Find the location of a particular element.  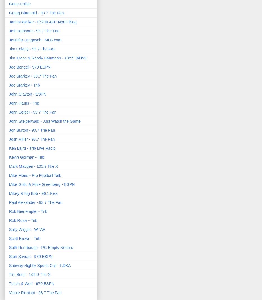

'Paul Alexander - 93.7 The Fan' is located at coordinates (35, 202).